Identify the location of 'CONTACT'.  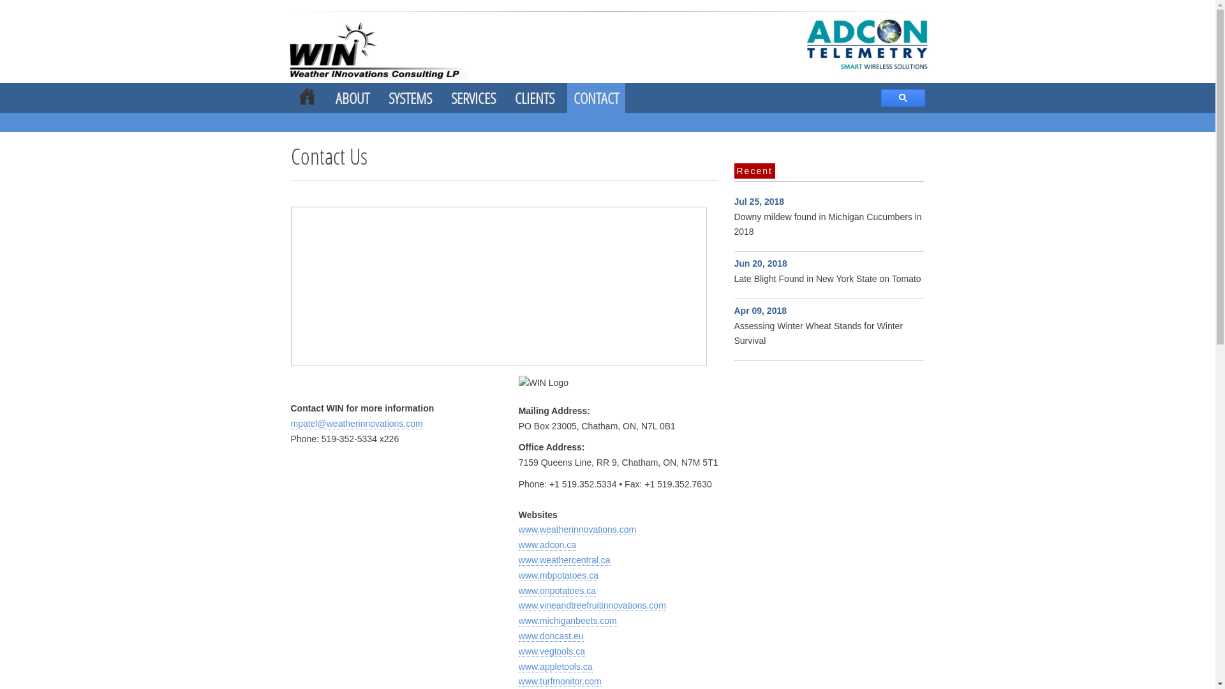
(595, 97).